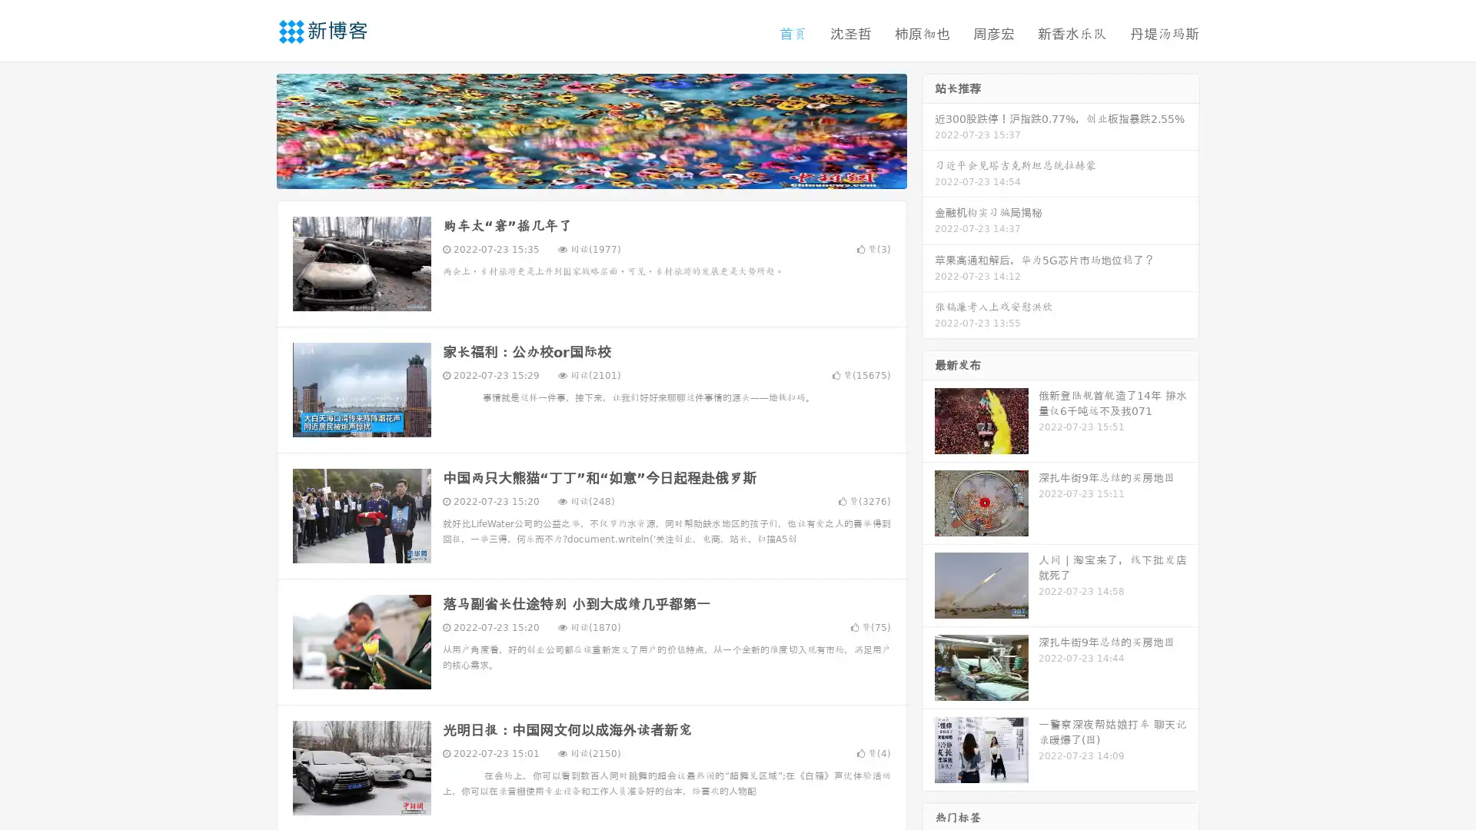 The height and width of the screenshot is (830, 1476). I want to click on Go to slide 2, so click(590, 173).